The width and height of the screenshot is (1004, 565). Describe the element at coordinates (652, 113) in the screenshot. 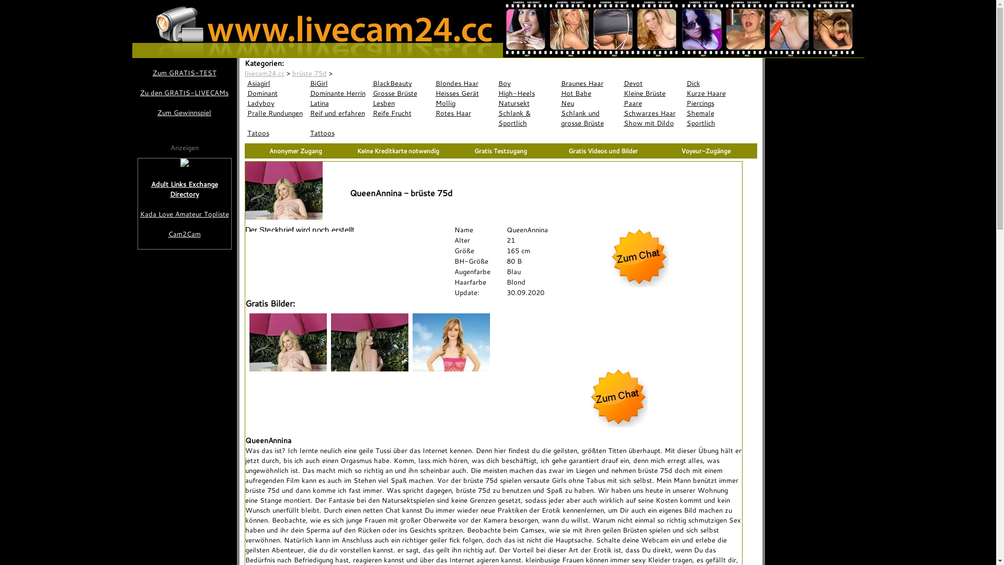

I see `'Schwarzes Haar'` at that location.